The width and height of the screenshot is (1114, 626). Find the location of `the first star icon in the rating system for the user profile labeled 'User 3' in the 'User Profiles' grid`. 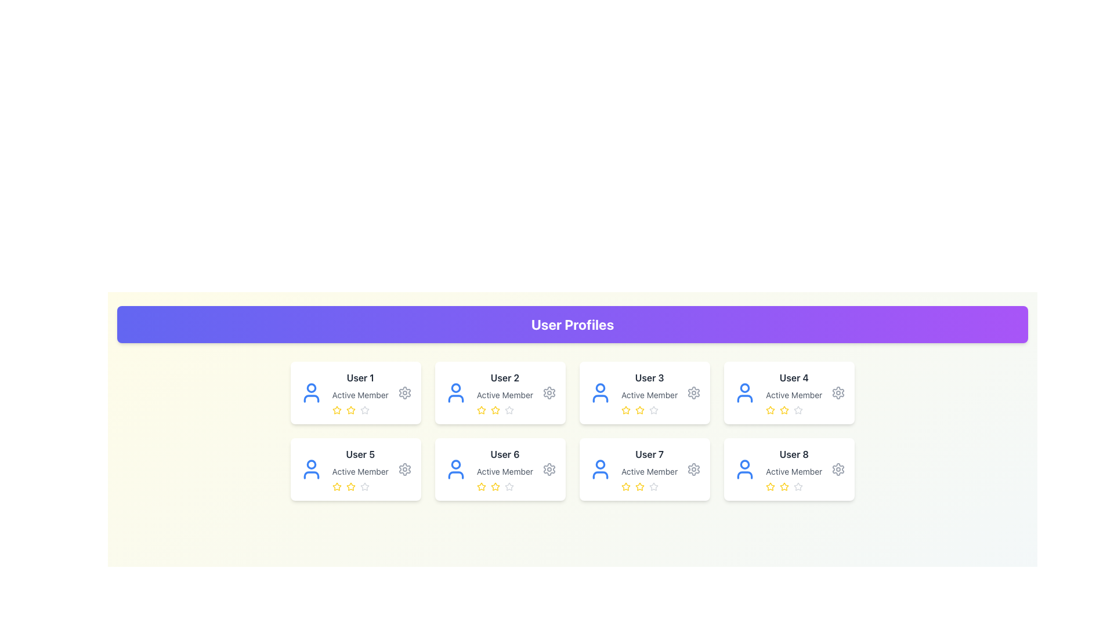

the first star icon in the rating system for the user profile labeled 'User 3' in the 'User Profiles' grid is located at coordinates (625, 410).